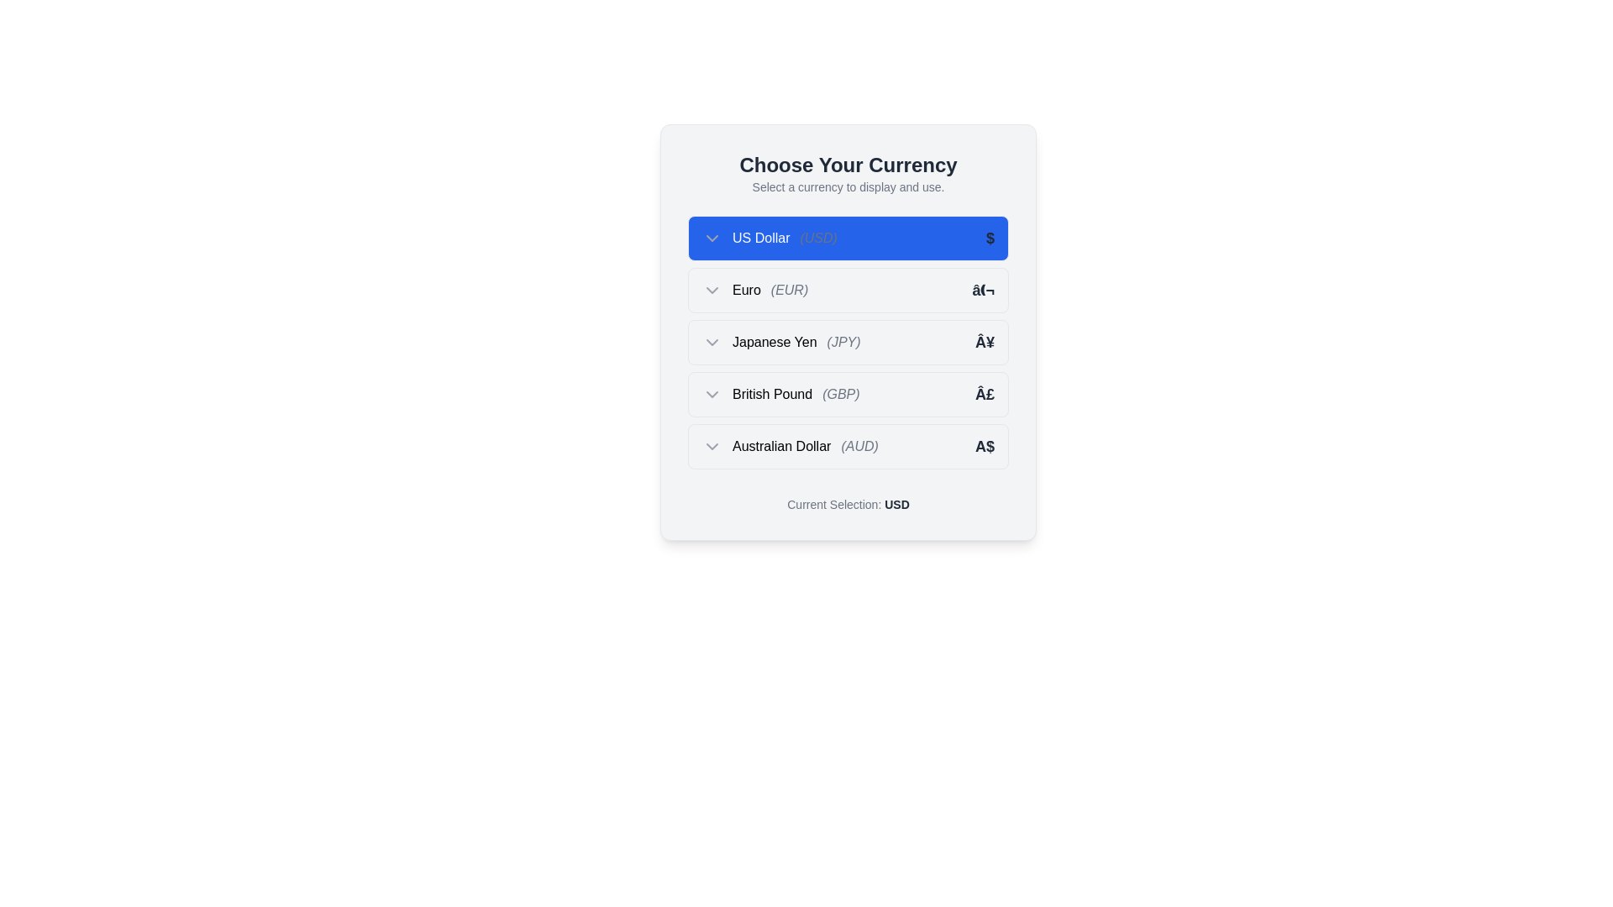  Describe the element at coordinates (859, 446) in the screenshot. I see `the text label displaying '(AUD)' in italicized gray styling, located to the right of 'Australian Dollar' in the currency selection list` at that location.